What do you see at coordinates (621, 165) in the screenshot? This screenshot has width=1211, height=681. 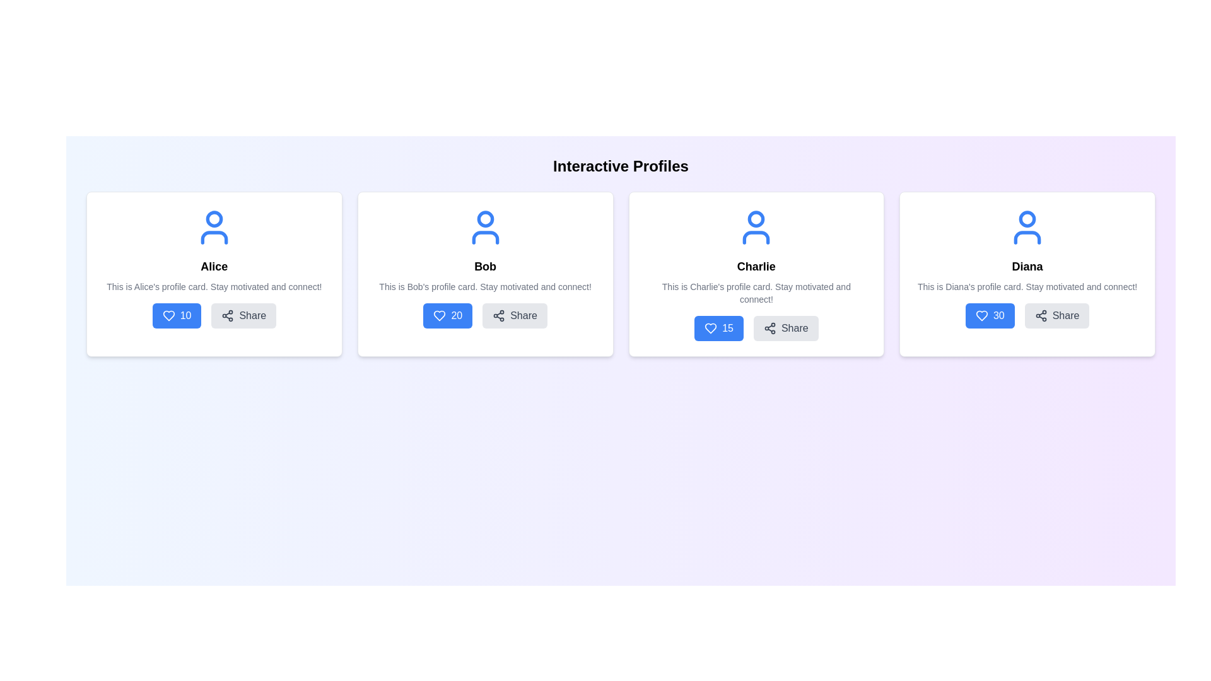 I see `the header text element that indicates the page features interactive profiles` at bounding box center [621, 165].